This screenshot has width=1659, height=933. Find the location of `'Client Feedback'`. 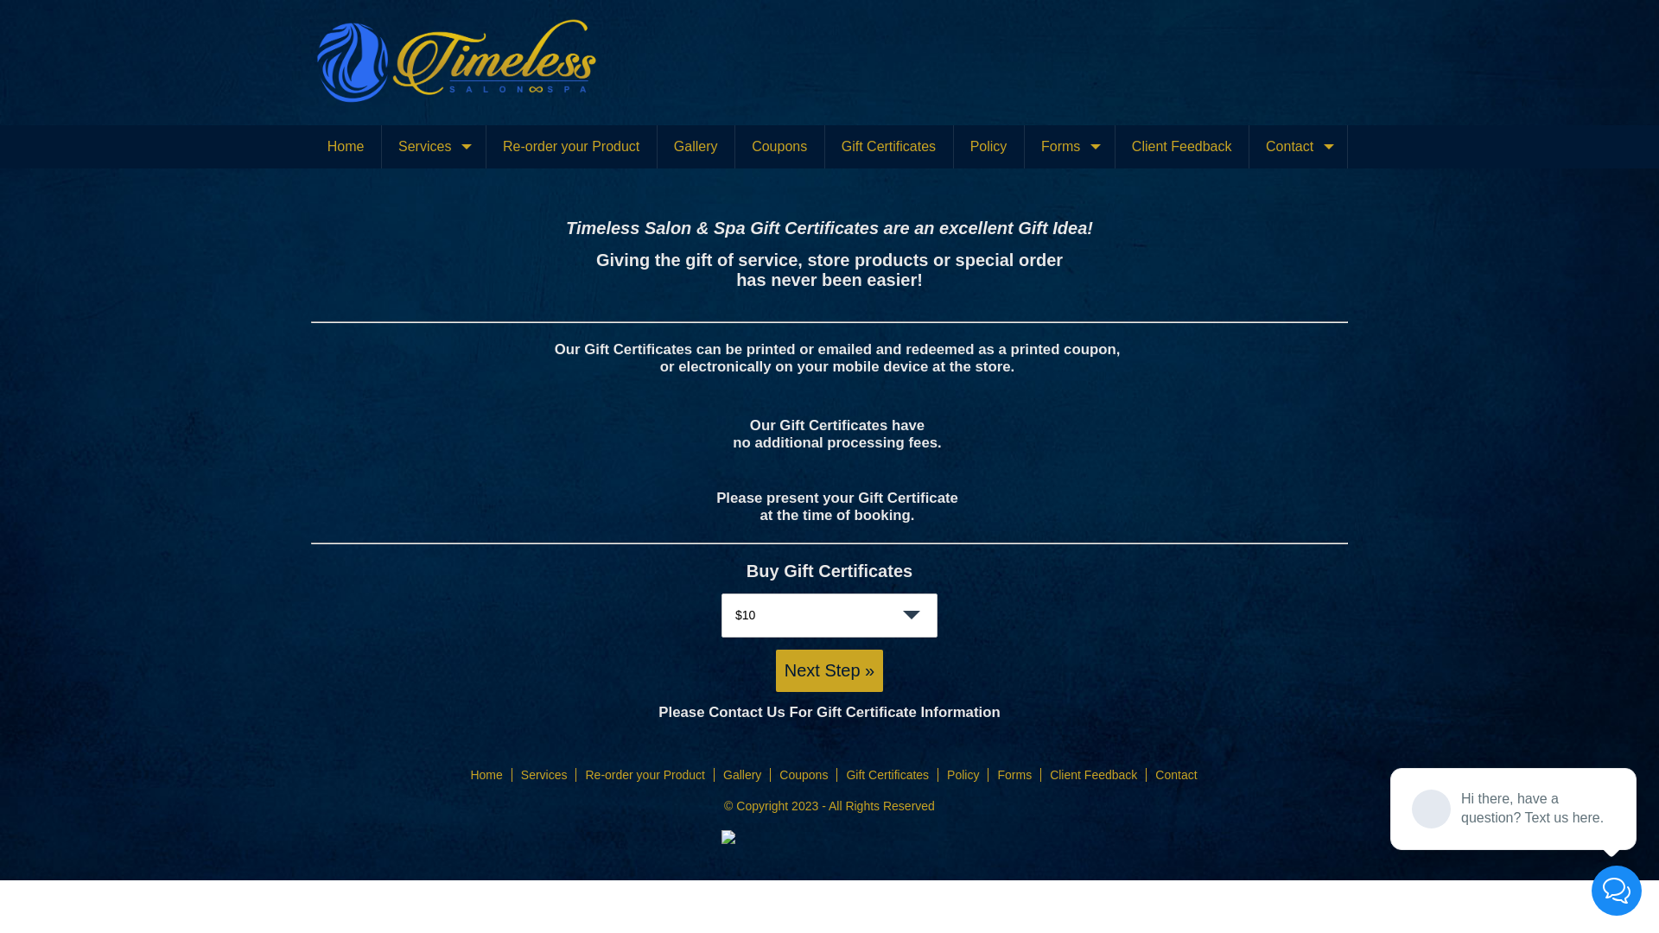

'Client Feedback' is located at coordinates (1092, 774).